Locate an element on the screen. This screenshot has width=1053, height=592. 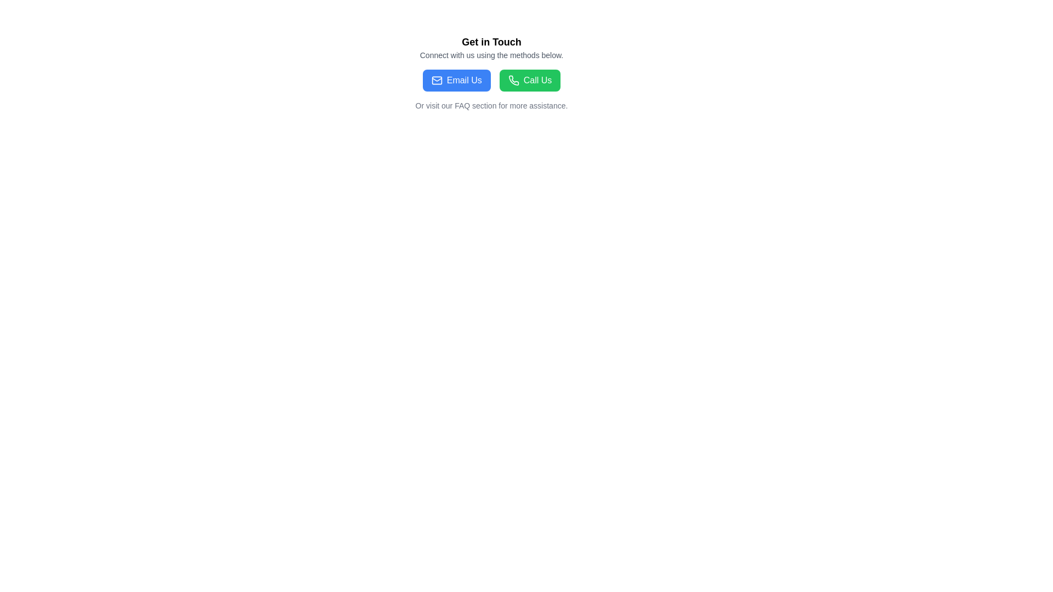
the 'Email Us' button that contains the Icon component indicating email functionality, positioned to the left of the button's text is located at coordinates (436, 79).